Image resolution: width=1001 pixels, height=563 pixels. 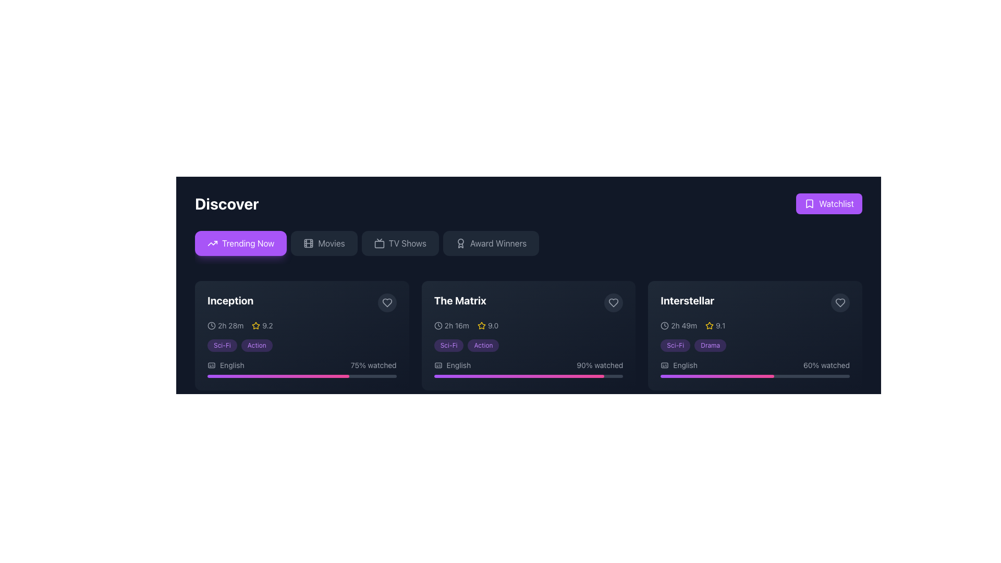 I want to click on the 'Award Winners' button, which is located to the right of the award icon represented by a circular medallion with a ribbon underneath, so click(x=460, y=243).